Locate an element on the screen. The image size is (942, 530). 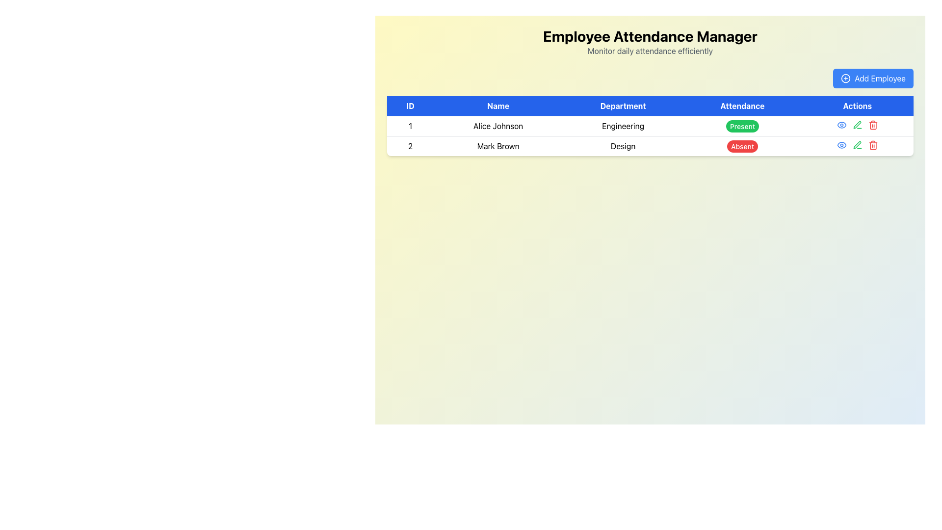
the 'Actions' Table Header Cell, which is a rectangular button in bold white font located at the top-right of the table header is located at coordinates (857, 106).